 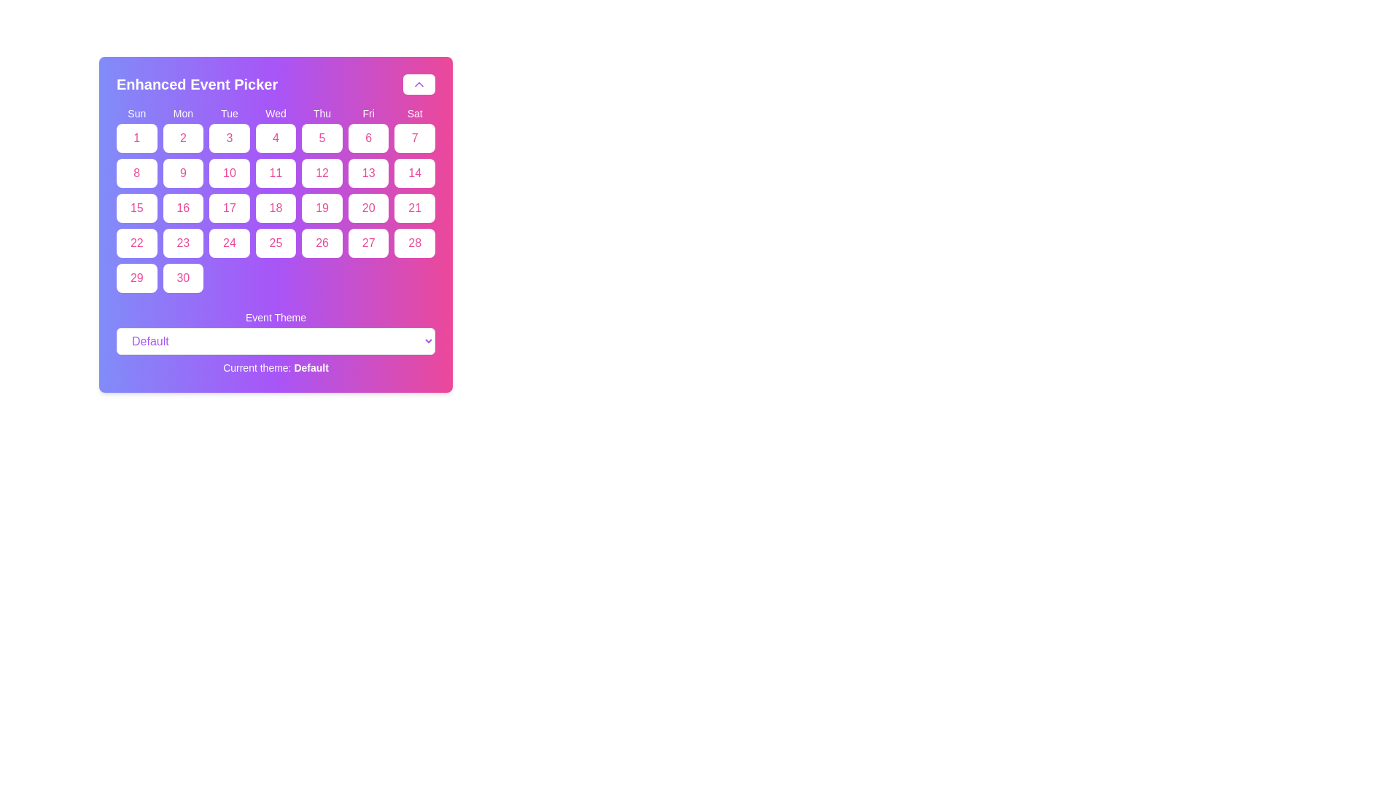 What do you see at coordinates (414, 138) in the screenshot?
I see `the button representing the date '7' in the calendar interface` at bounding box center [414, 138].